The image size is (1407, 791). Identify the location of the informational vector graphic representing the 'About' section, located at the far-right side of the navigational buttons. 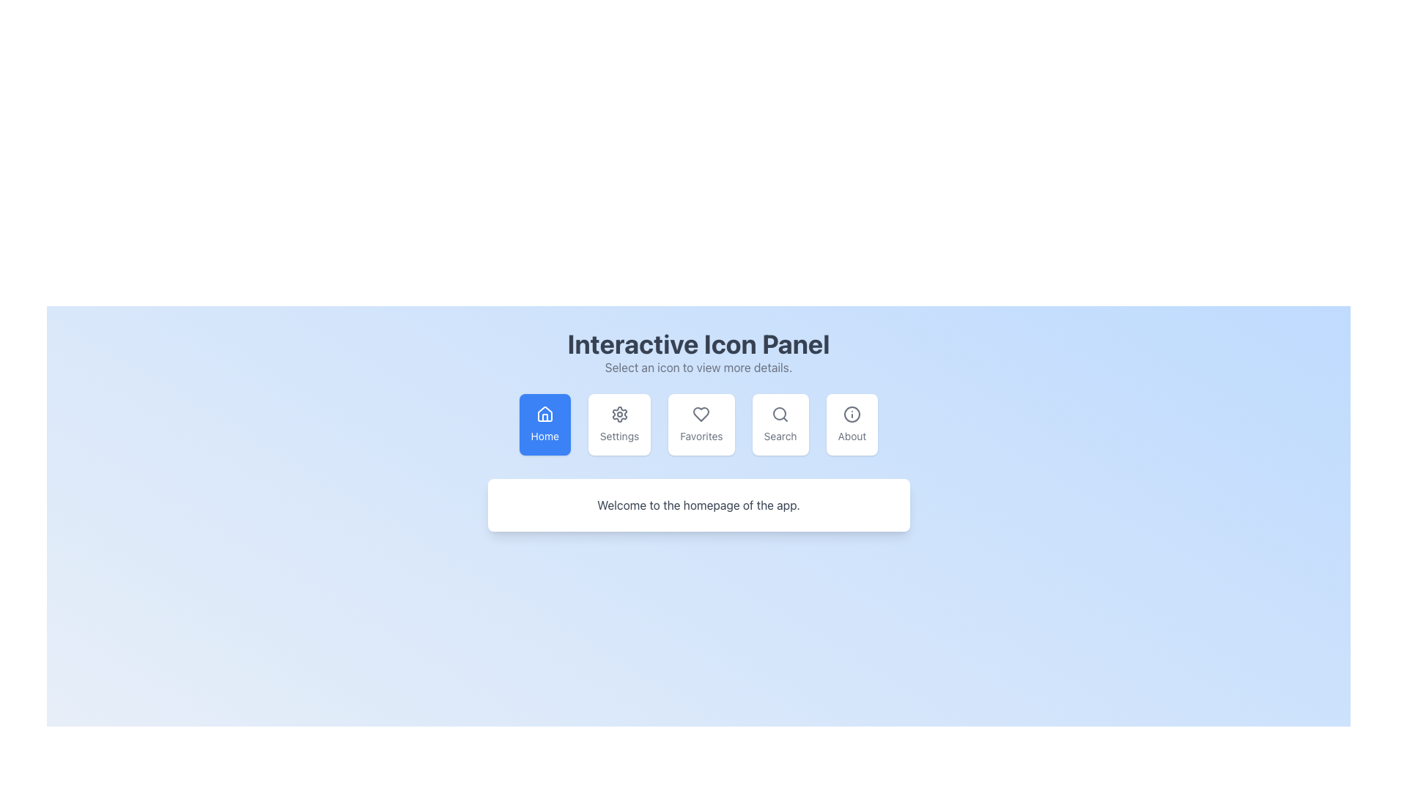
(852, 415).